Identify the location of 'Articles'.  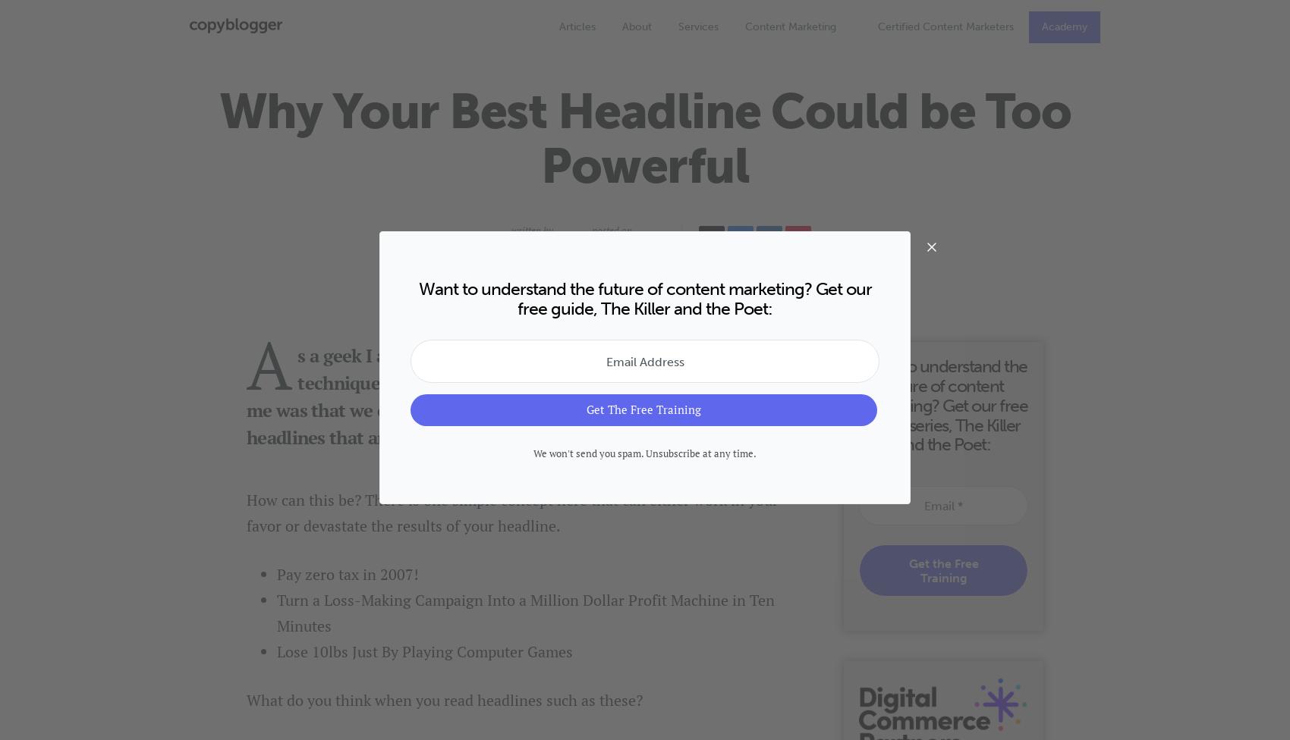
(576, 27).